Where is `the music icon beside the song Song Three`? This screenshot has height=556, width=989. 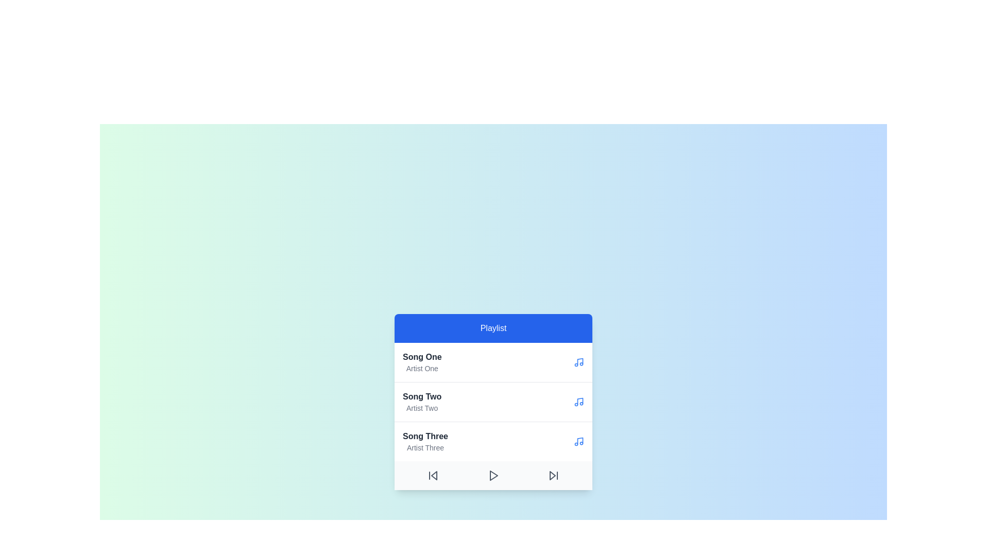
the music icon beside the song Song Three is located at coordinates (578, 441).